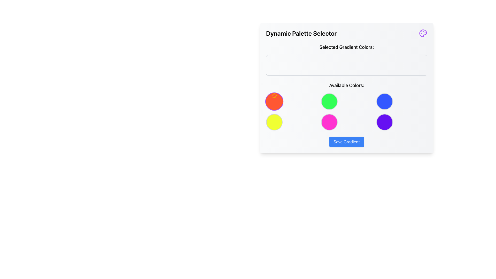 Image resolution: width=496 pixels, height=279 pixels. Describe the element at coordinates (274, 96) in the screenshot. I see `the star-shaped icon located at the top section of the first circular button in the 'Available Colors' section, which has a purple border and an orange background` at that location.